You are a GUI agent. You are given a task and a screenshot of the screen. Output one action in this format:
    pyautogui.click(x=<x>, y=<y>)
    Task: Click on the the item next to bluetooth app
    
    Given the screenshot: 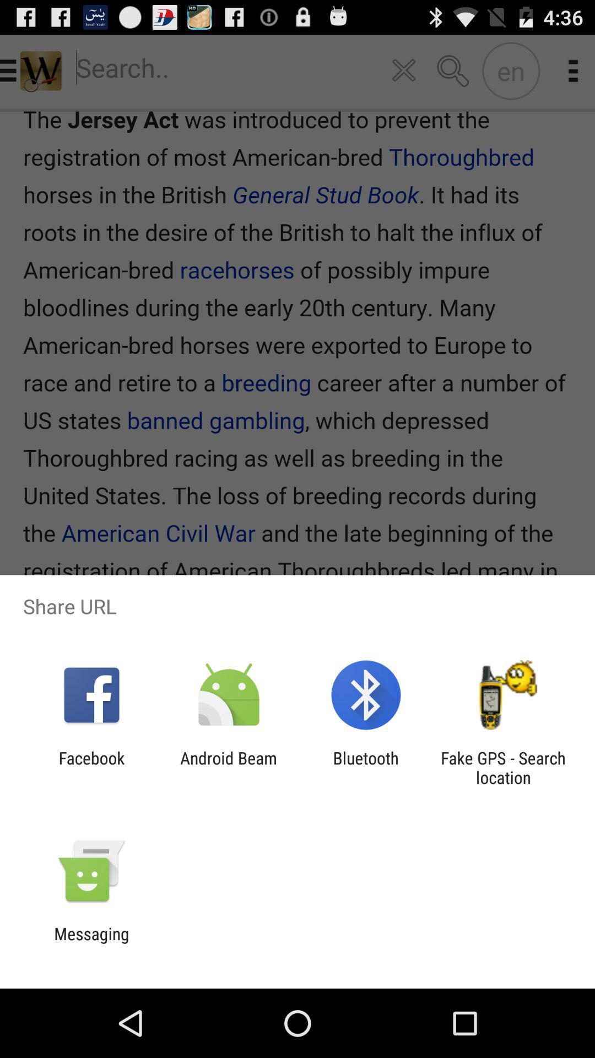 What is the action you would take?
    pyautogui.click(x=228, y=767)
    